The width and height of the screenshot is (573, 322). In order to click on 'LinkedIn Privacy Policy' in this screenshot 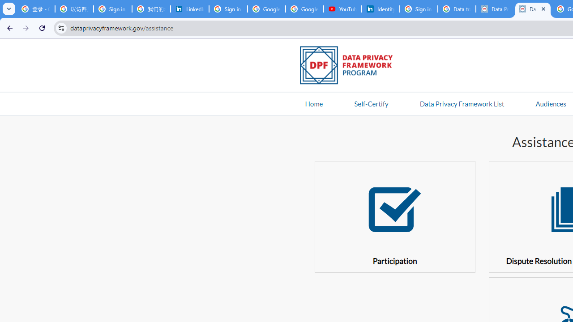, I will do `click(189, 9)`.